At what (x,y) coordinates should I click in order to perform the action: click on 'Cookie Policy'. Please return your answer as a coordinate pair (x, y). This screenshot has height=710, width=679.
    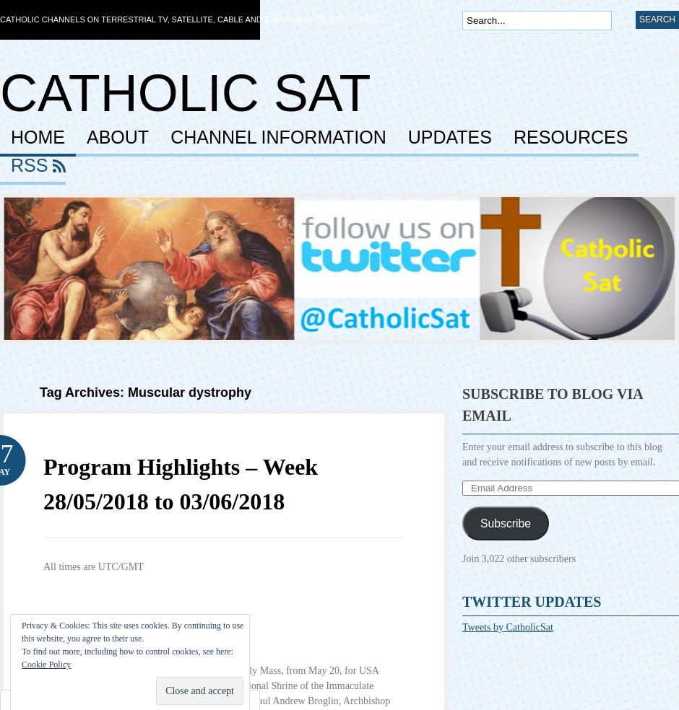
    Looking at the image, I should click on (46, 665).